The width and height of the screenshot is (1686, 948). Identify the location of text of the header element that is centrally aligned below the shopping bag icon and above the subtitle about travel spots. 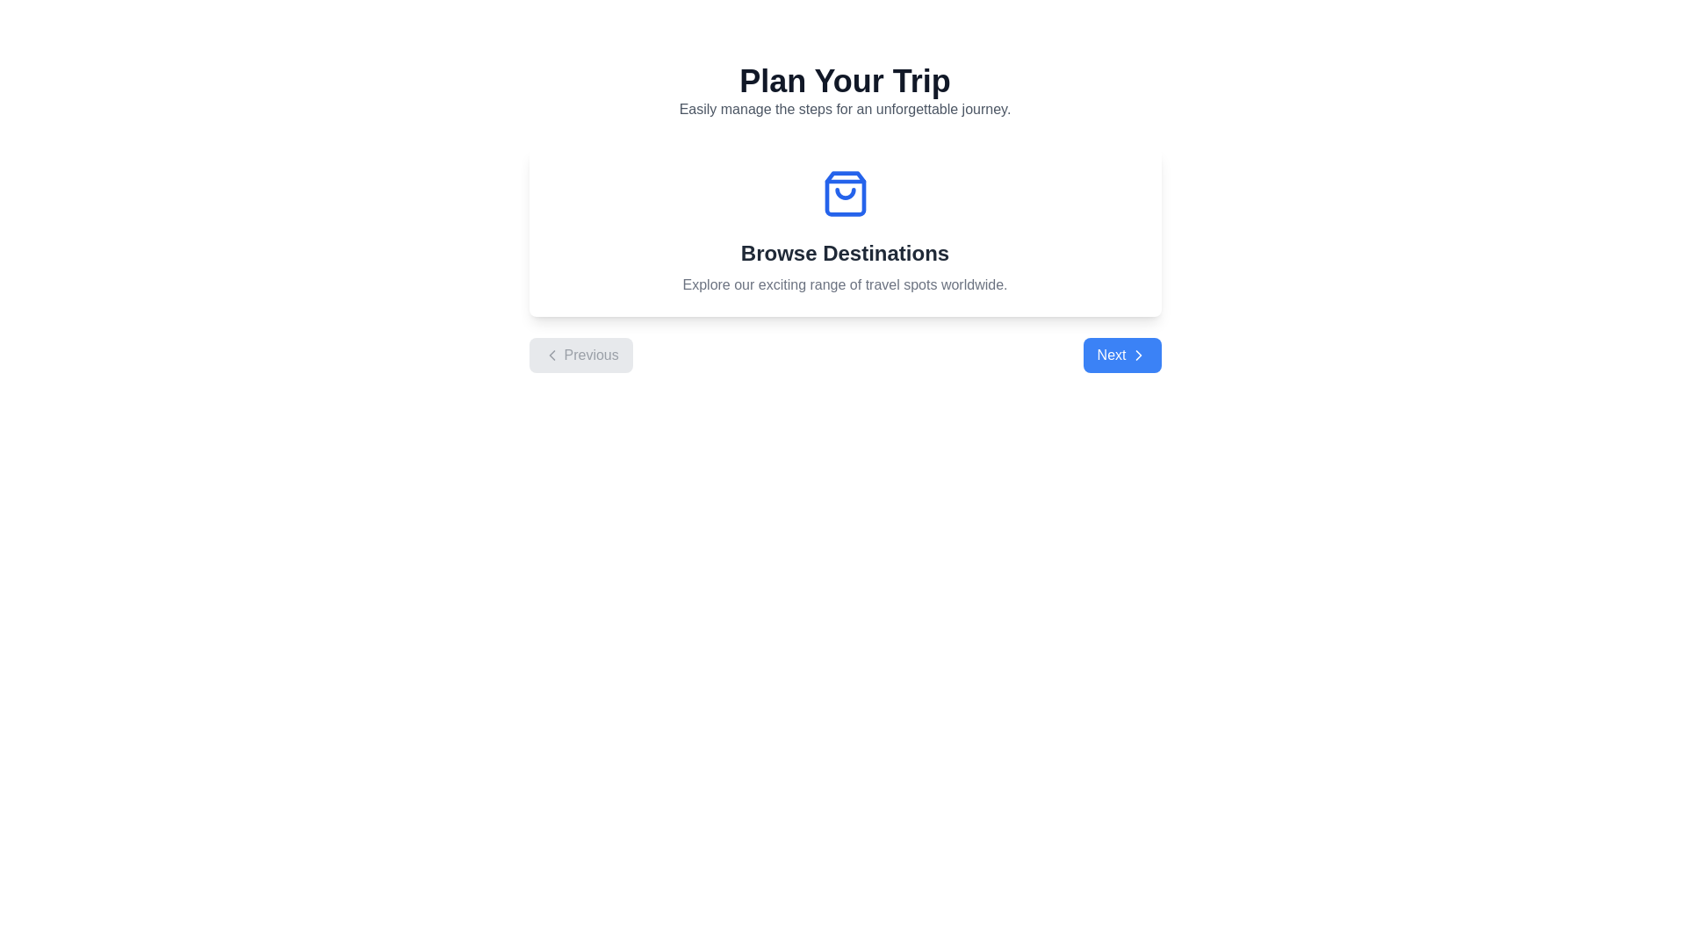
(845, 254).